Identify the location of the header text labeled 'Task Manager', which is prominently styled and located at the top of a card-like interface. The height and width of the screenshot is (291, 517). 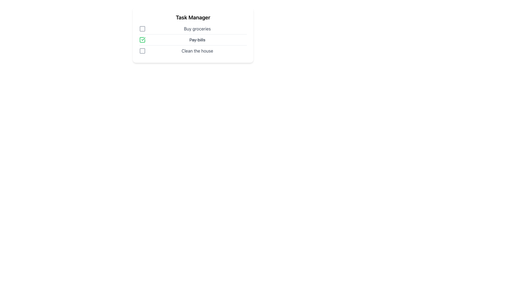
(193, 17).